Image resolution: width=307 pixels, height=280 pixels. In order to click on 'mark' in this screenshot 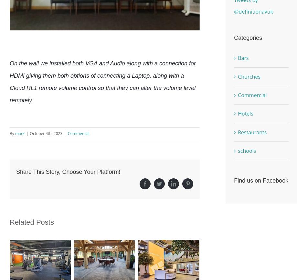, I will do `click(19, 133)`.